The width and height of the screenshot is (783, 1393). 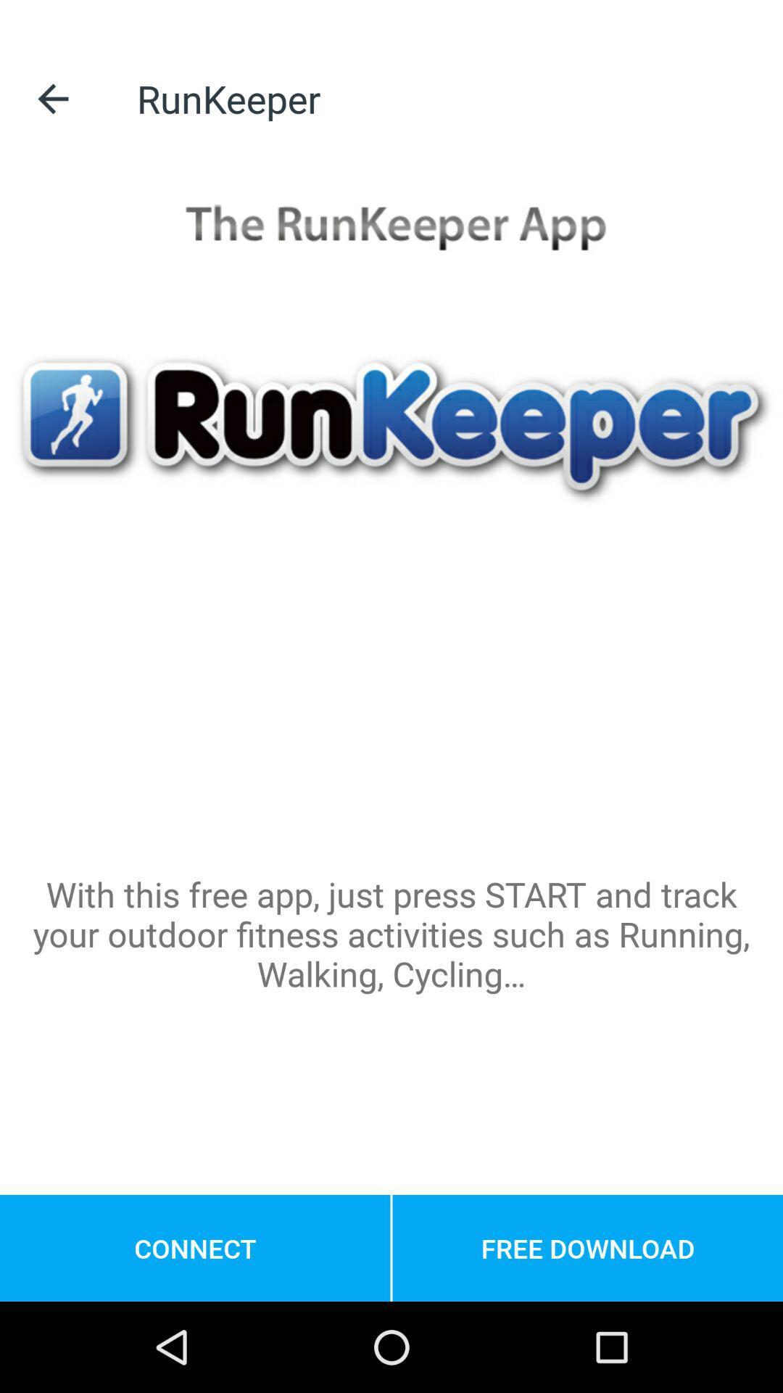 What do you see at coordinates (52, 98) in the screenshot?
I see `go back` at bounding box center [52, 98].